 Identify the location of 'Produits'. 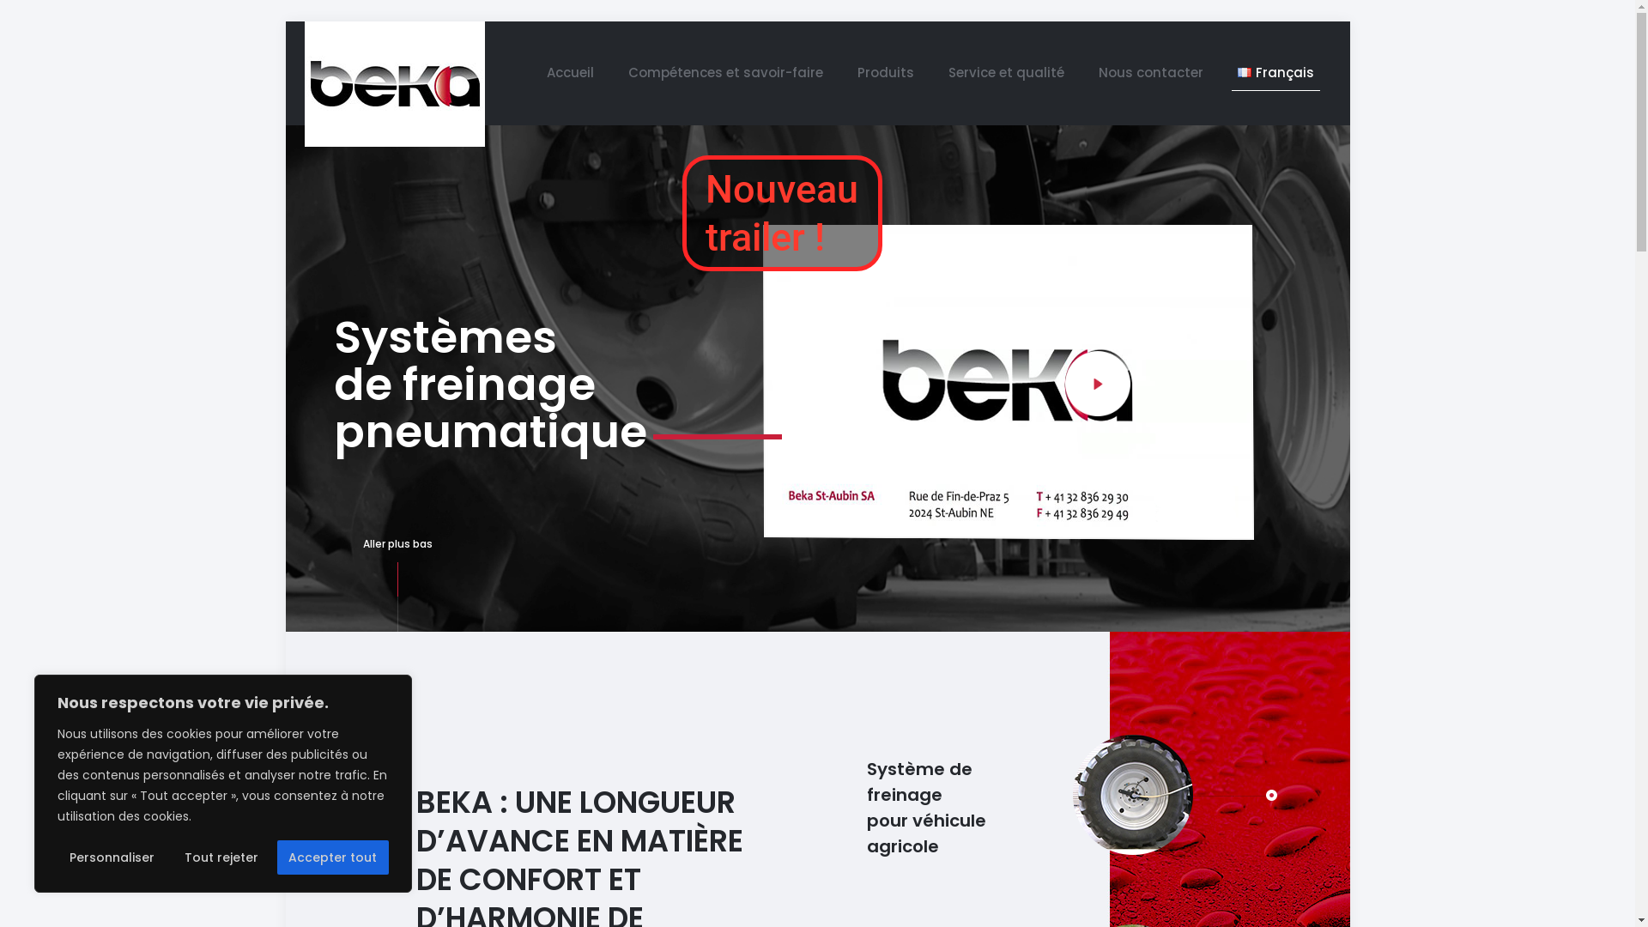
(840, 71).